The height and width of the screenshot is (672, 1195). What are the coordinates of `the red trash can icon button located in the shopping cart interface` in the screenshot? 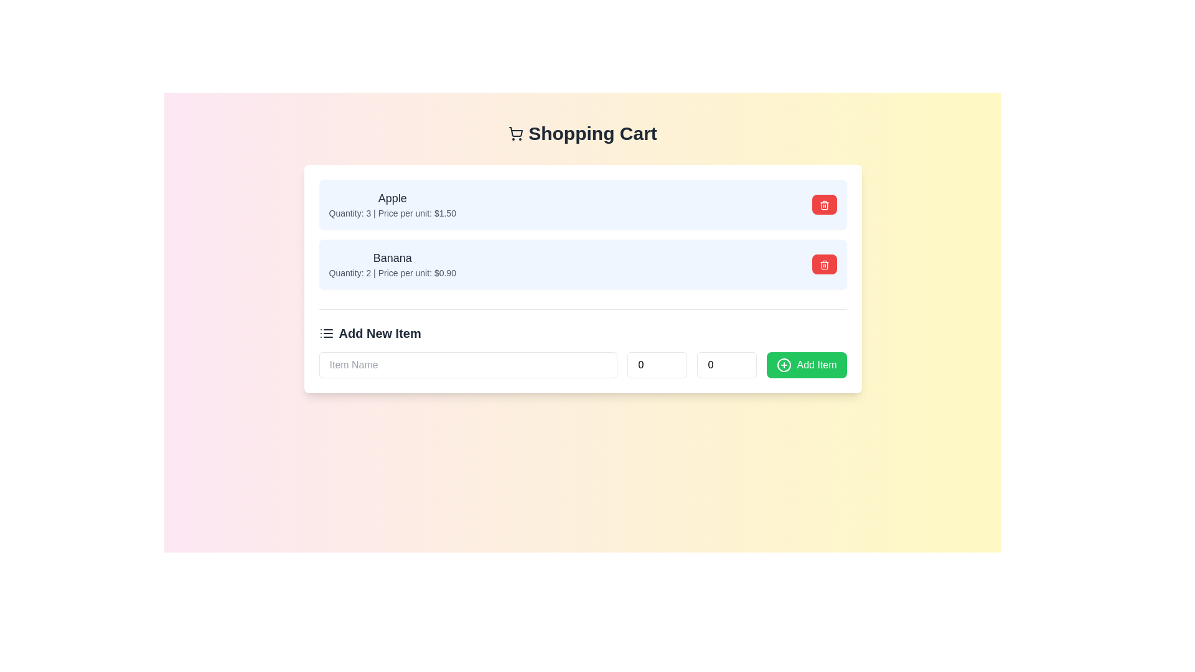 It's located at (824, 204).